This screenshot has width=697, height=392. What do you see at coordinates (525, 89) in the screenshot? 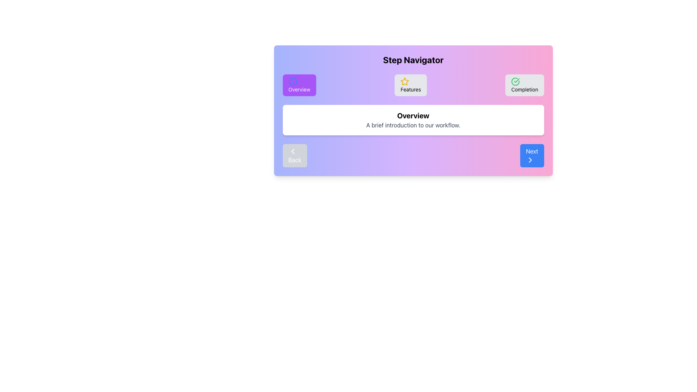
I see `the text label located at the bottom of the third option in the horizontal navigation bar in the top-right corner, which denotes the title or purpose of the associated navigation option` at bounding box center [525, 89].